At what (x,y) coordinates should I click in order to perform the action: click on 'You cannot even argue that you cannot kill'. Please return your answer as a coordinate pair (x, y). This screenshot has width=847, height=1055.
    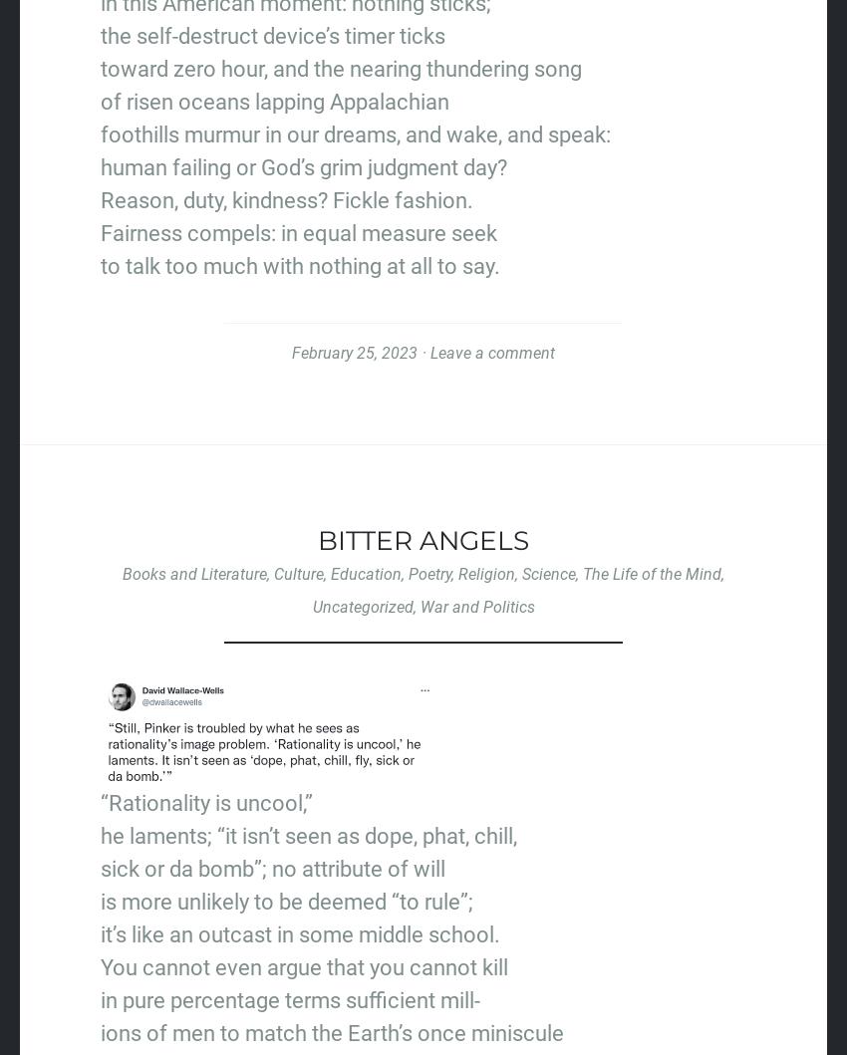
    Looking at the image, I should click on (99, 965).